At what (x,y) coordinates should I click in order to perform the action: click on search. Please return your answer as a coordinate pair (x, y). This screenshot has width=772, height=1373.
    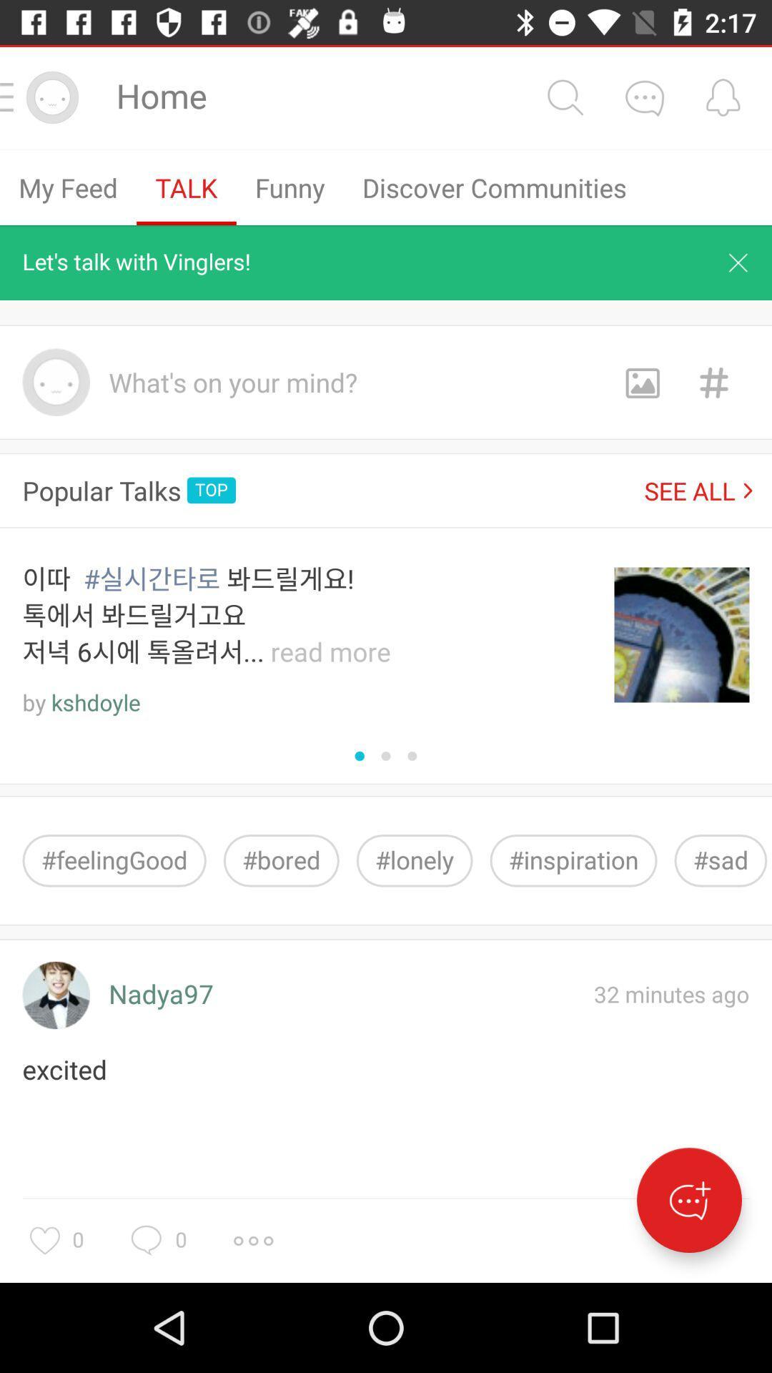
    Looking at the image, I should click on (564, 97).